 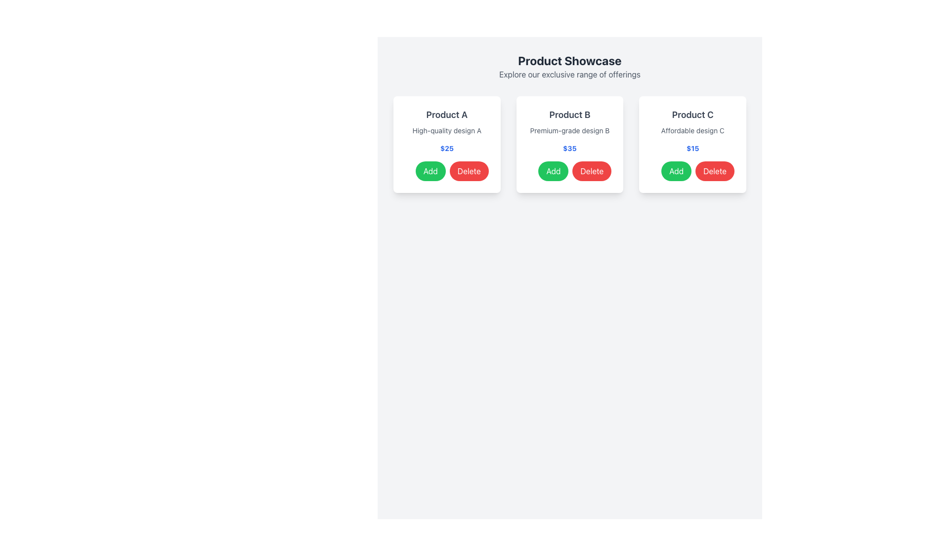 What do you see at coordinates (692, 145) in the screenshot?
I see `the 'Add' button on the Interactive product card located in the rightmost column of the product showcase grid` at bounding box center [692, 145].